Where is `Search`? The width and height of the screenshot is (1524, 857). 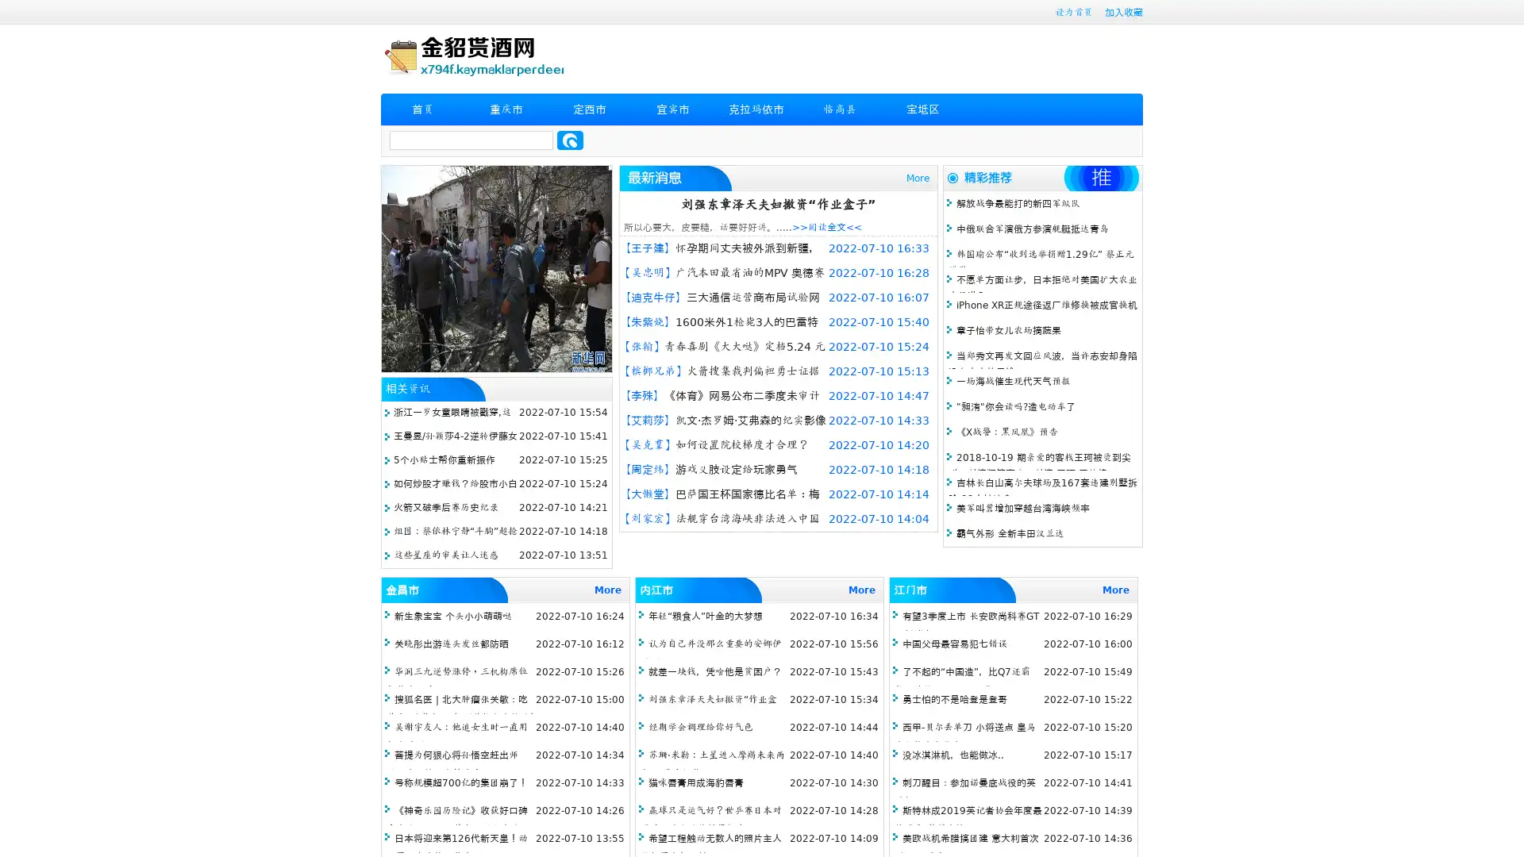
Search is located at coordinates (570, 140).